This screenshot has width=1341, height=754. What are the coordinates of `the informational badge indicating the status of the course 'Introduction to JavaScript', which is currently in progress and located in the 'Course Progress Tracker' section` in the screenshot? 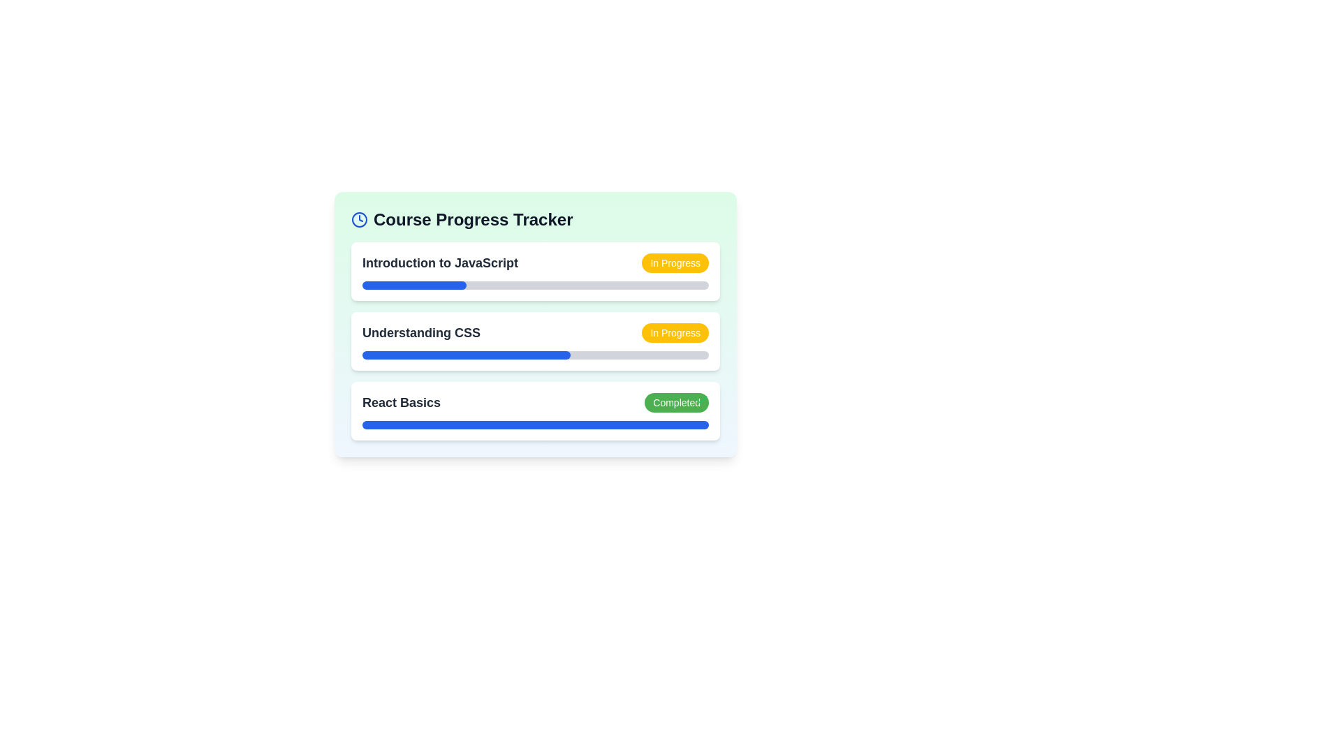 It's located at (675, 263).